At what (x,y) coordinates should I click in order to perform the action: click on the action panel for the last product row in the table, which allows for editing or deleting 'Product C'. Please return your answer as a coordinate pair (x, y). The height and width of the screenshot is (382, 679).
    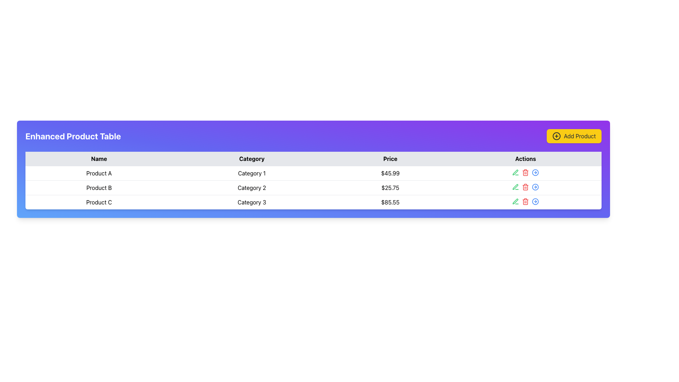
    Looking at the image, I should click on (526, 202).